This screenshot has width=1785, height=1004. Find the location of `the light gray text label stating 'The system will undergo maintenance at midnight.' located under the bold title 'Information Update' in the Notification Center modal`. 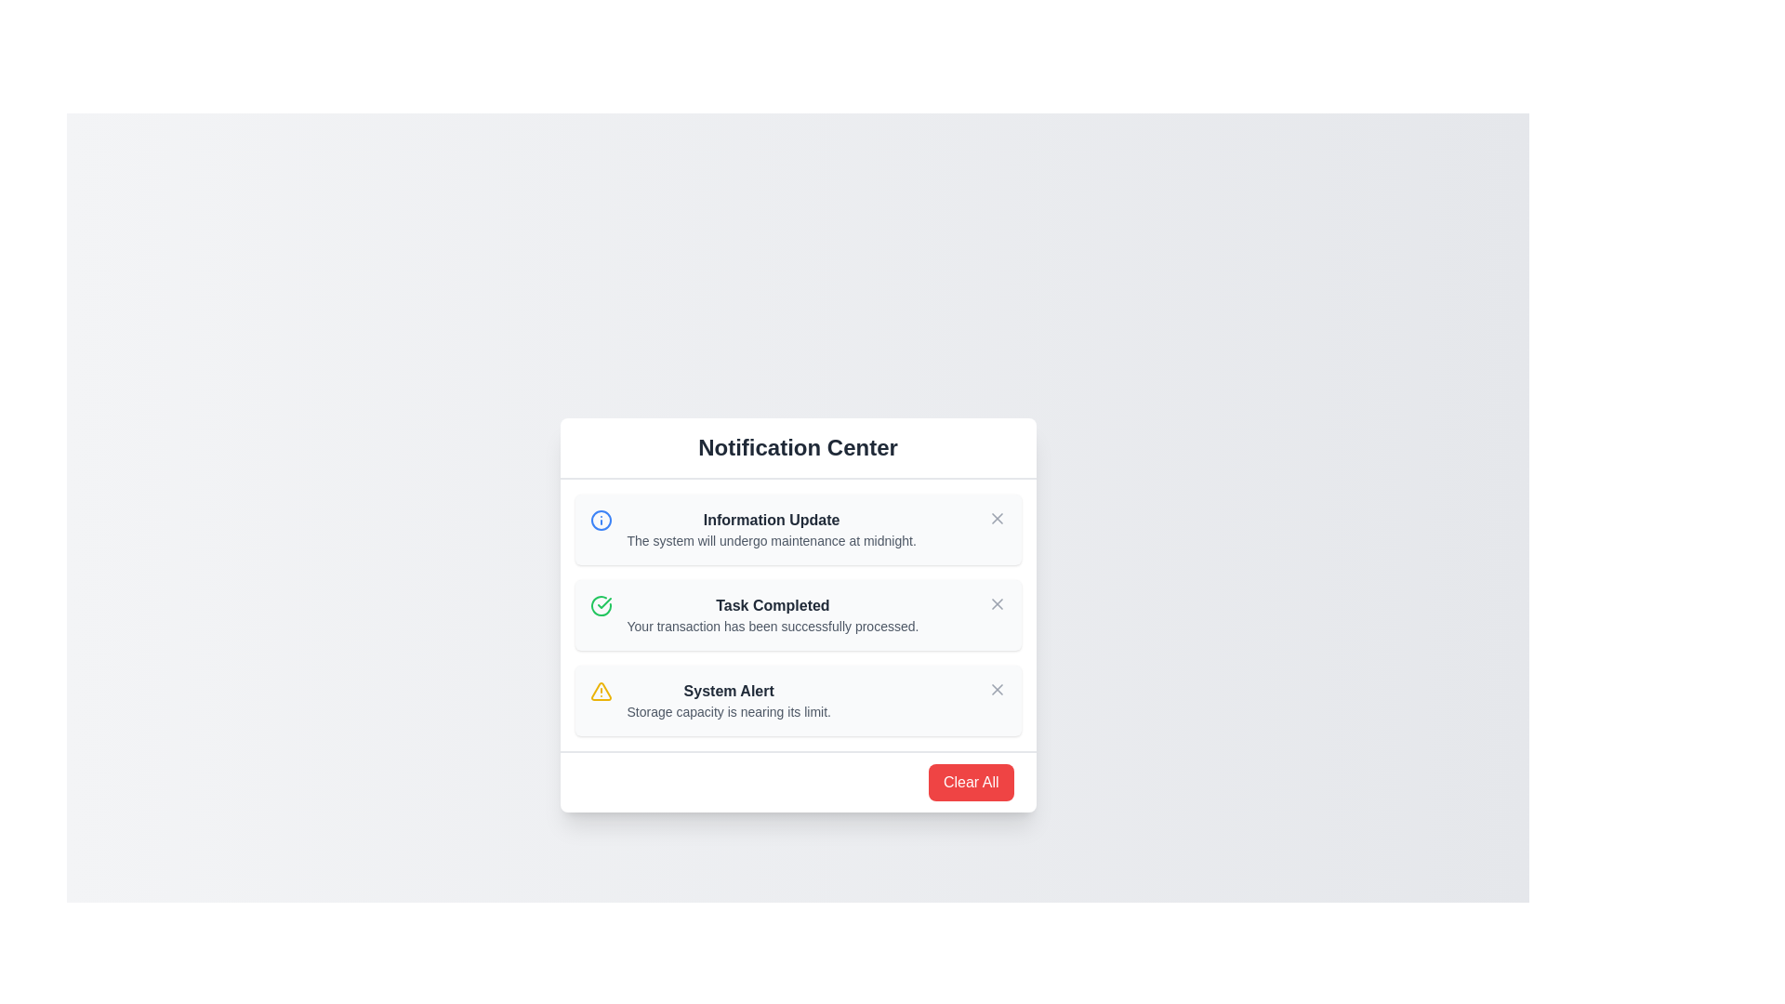

the light gray text label stating 'The system will undergo maintenance at midnight.' located under the bold title 'Information Update' in the Notification Center modal is located at coordinates (772, 541).